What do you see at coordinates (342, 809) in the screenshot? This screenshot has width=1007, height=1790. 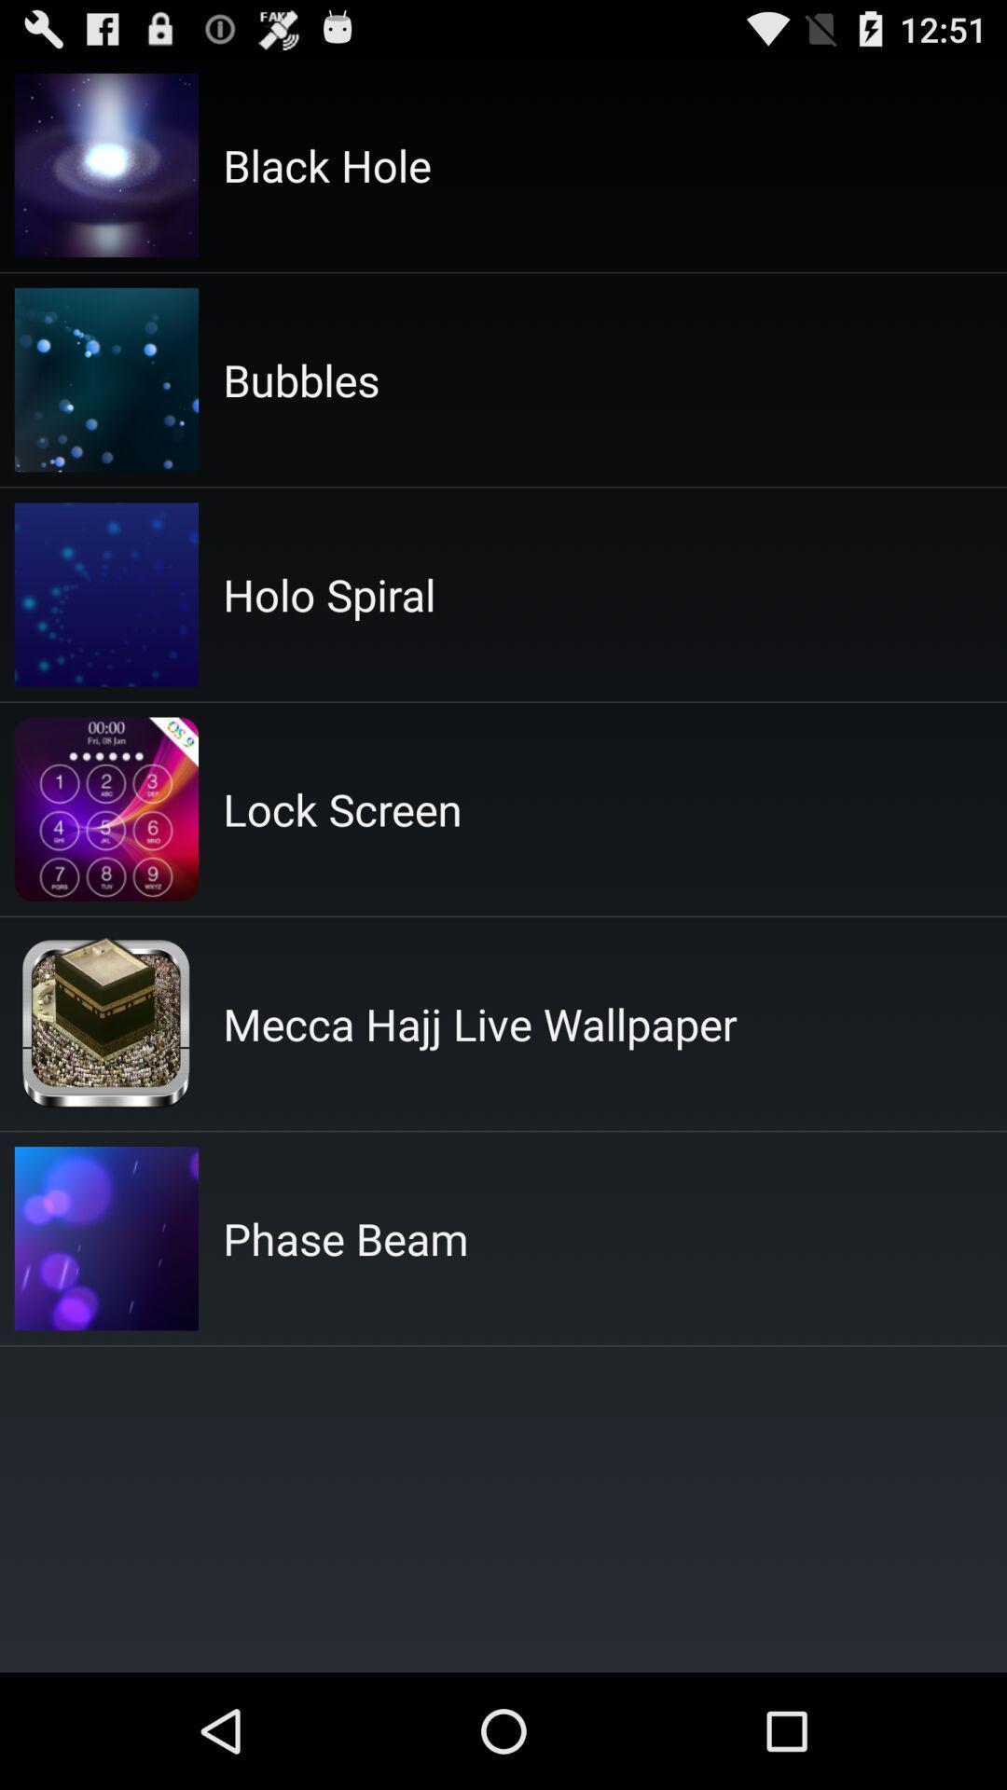 I see `item above mecca hajj live` at bounding box center [342, 809].